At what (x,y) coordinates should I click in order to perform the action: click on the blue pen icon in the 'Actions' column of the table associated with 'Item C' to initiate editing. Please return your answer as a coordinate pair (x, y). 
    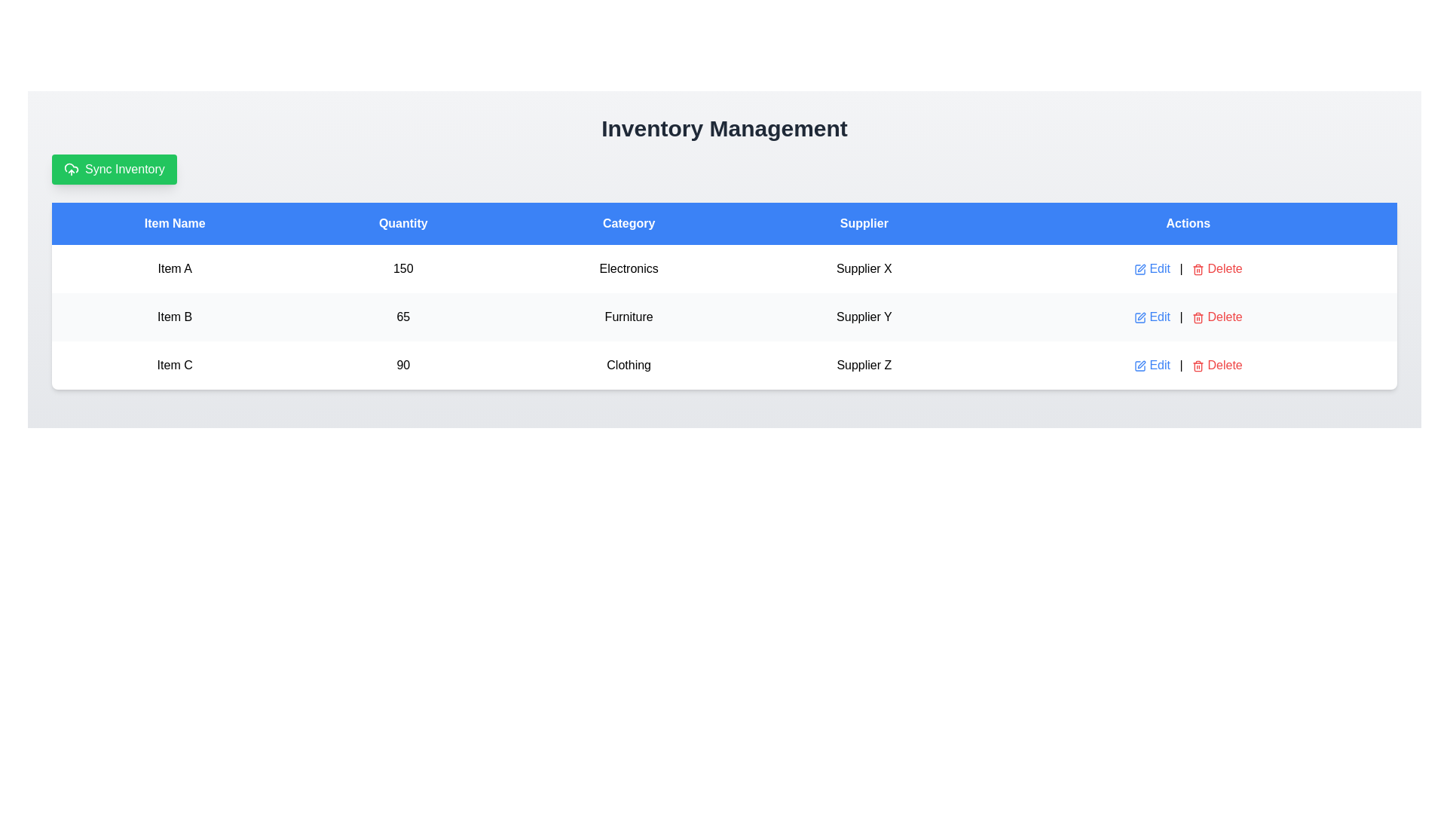
    Looking at the image, I should click on (1140, 366).